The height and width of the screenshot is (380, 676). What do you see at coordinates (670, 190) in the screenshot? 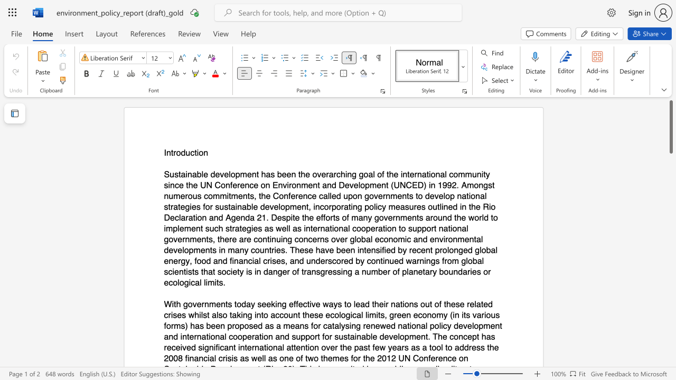
I see `the scrollbar on the right to shift the page lower` at bounding box center [670, 190].